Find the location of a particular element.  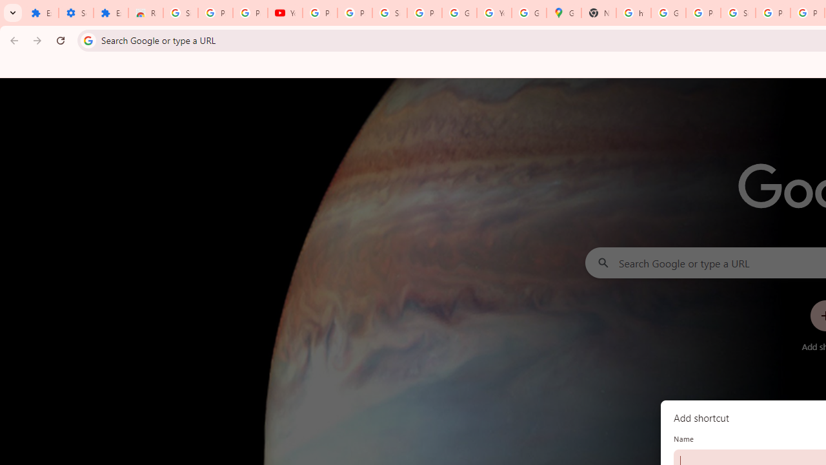

'Reviews: Helix Fruit Jump Arcade Game' is located at coordinates (145, 13).